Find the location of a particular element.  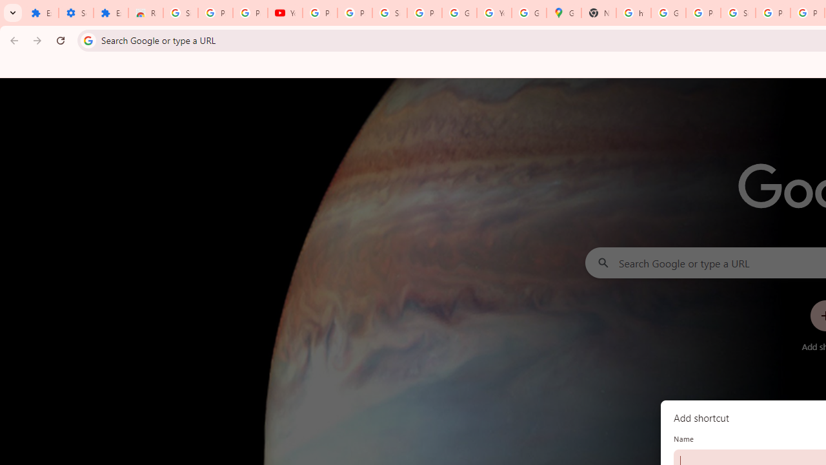

'Reviews: Helix Fruit Jump Arcade Game' is located at coordinates (145, 13).